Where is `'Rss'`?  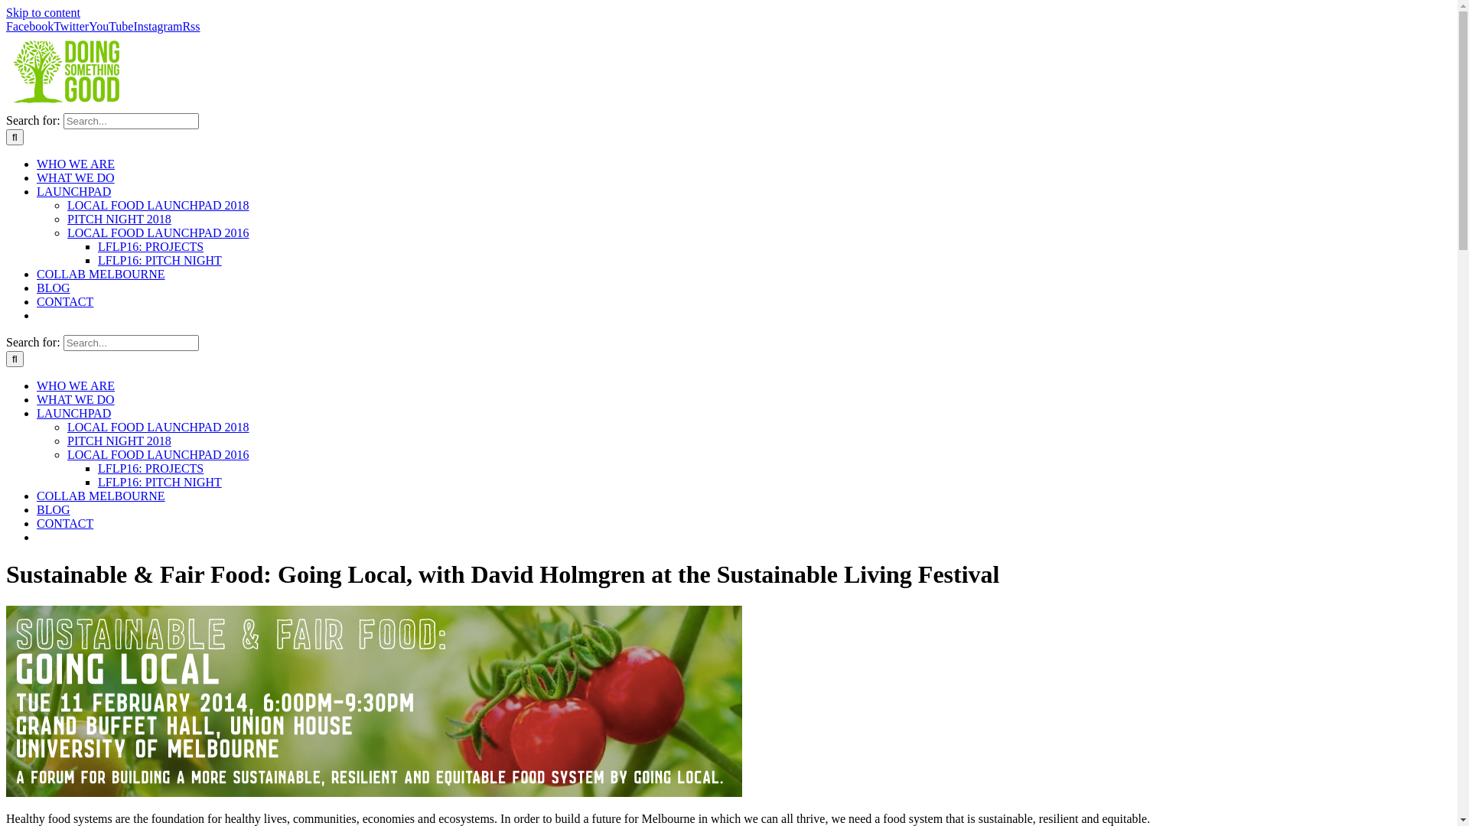
'Rss' is located at coordinates (182, 26).